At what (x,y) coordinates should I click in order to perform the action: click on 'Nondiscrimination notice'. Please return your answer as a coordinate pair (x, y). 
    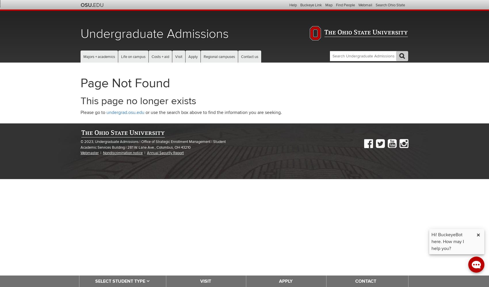
    Looking at the image, I should click on (123, 153).